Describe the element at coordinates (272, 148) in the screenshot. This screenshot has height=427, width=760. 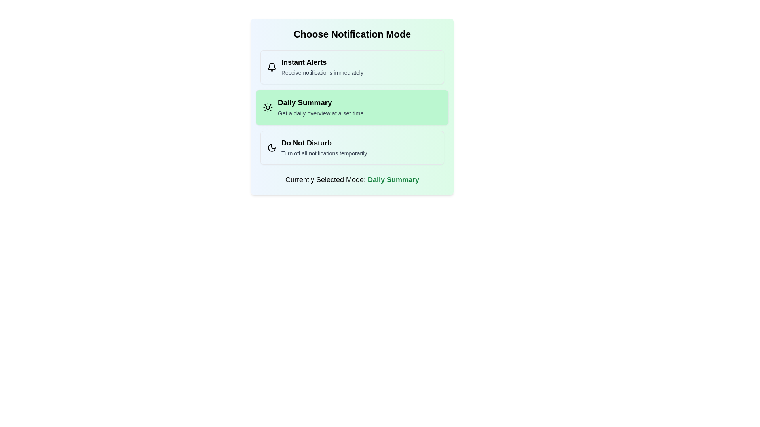
I see `the 'Do Not Disturb' icon located on the left side of the 'Do Not Disturb' option in the 'Choose Notification Mode' interface` at that location.